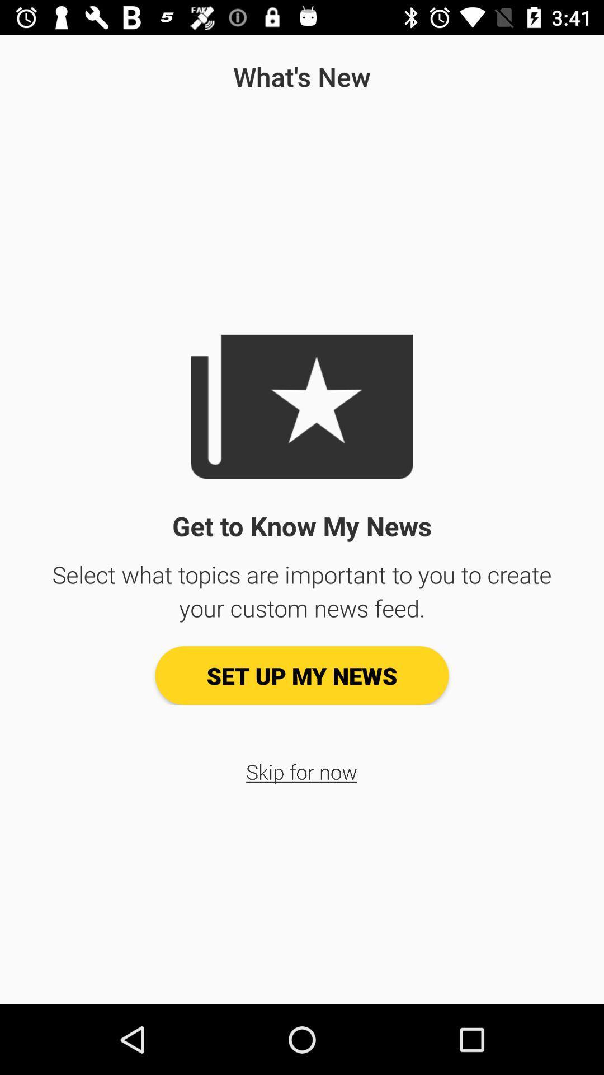 The image size is (604, 1075). Describe the element at coordinates (301, 771) in the screenshot. I see `the skip for now icon` at that location.